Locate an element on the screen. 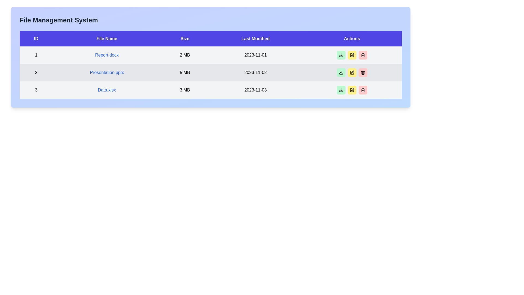  the first button in the 'Actions' column for the second row of the table to initiate the file download is located at coordinates (341, 72).